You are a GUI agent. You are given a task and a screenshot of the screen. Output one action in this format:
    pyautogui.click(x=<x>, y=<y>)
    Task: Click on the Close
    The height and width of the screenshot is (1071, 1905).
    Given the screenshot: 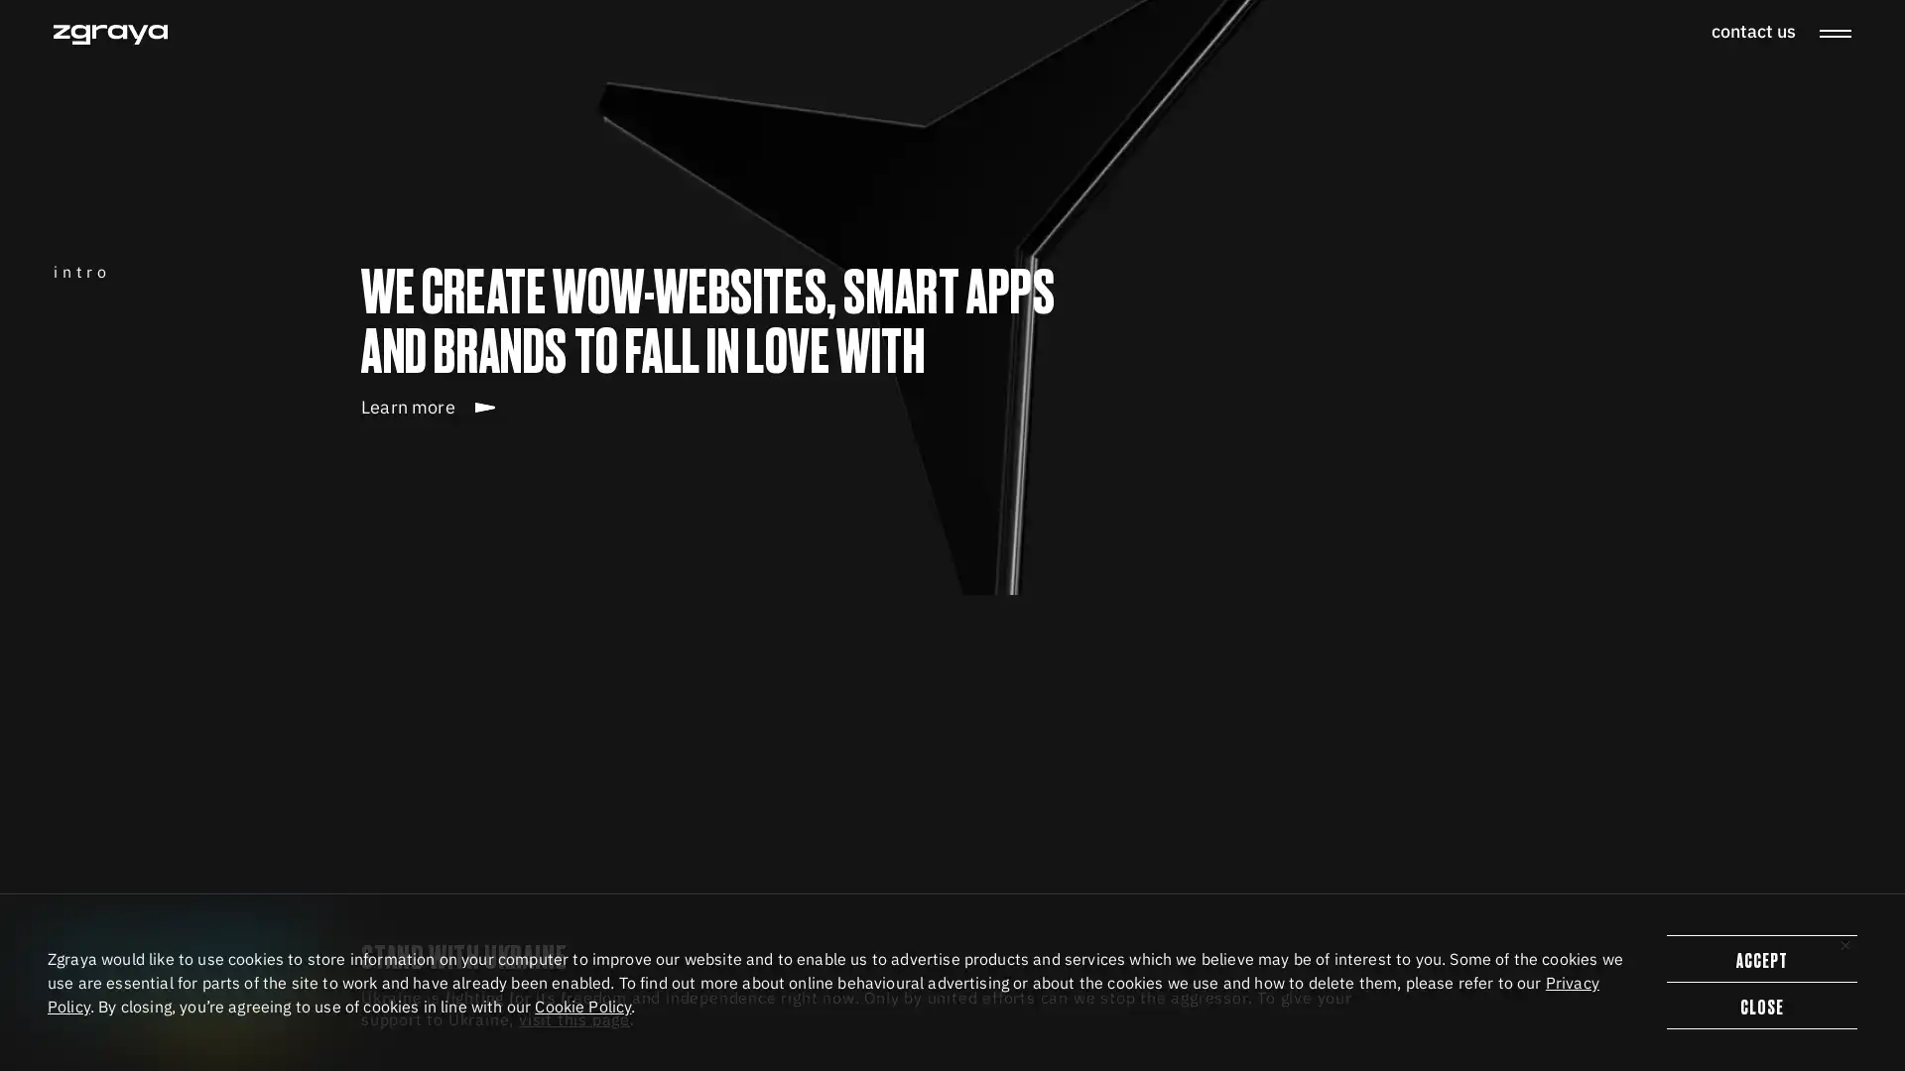 What is the action you would take?
    pyautogui.click(x=1844, y=943)
    